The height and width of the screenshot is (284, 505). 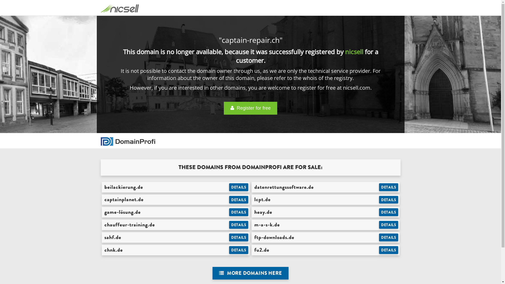 I want to click on 'DETAILS', so click(x=229, y=237).